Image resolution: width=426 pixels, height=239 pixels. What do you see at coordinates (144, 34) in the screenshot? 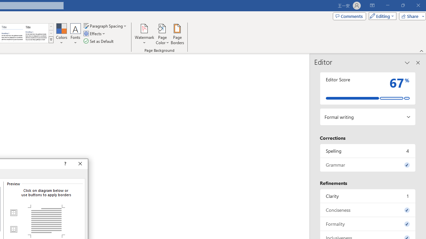
I see `'Watermark'` at bounding box center [144, 34].